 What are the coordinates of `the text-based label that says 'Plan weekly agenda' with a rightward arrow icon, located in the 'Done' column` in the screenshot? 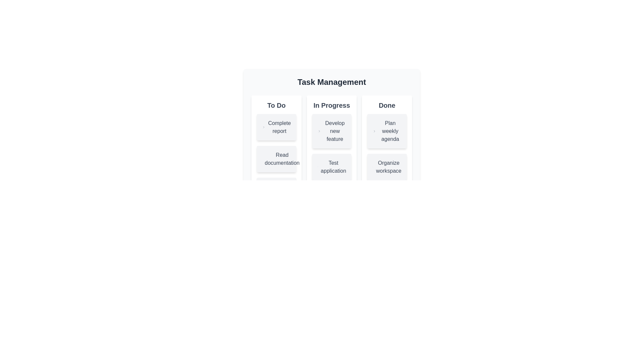 It's located at (387, 131).